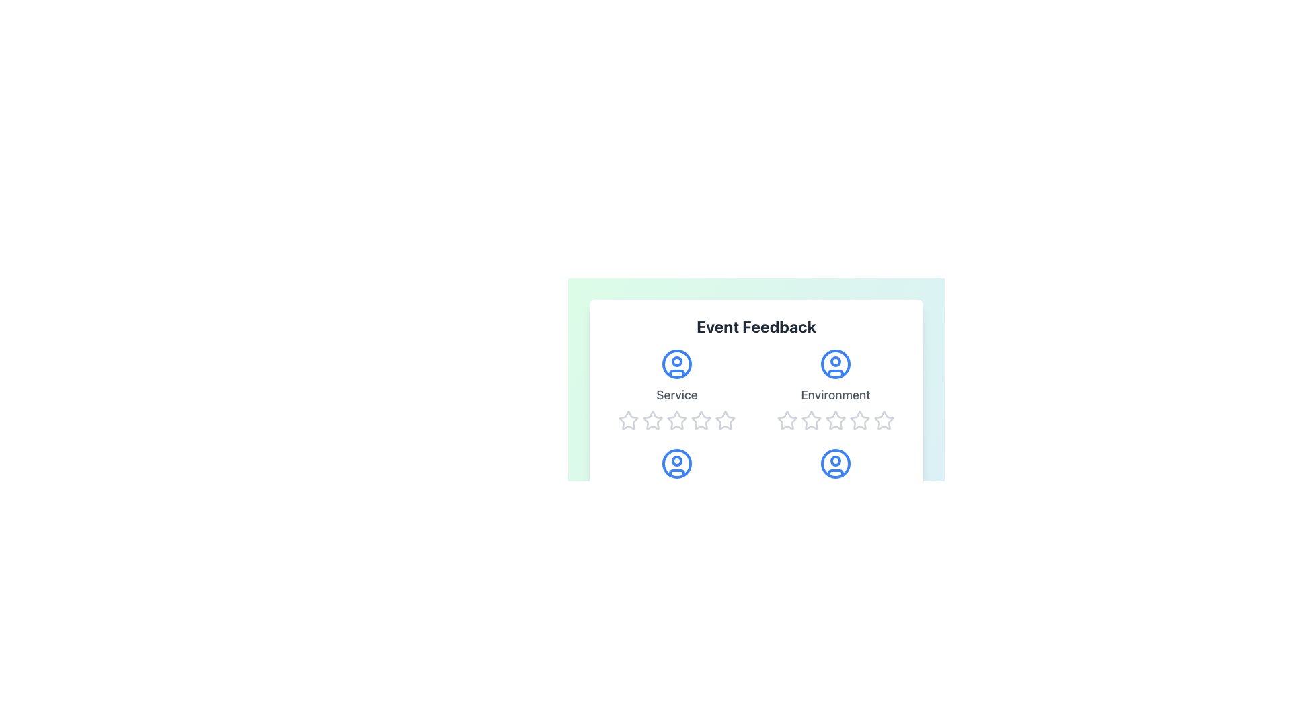  Describe the element at coordinates (859, 419) in the screenshot. I see `the fifth star in the rating system located beneath the 'Environment' label in the 'Event Feedback' section` at that location.